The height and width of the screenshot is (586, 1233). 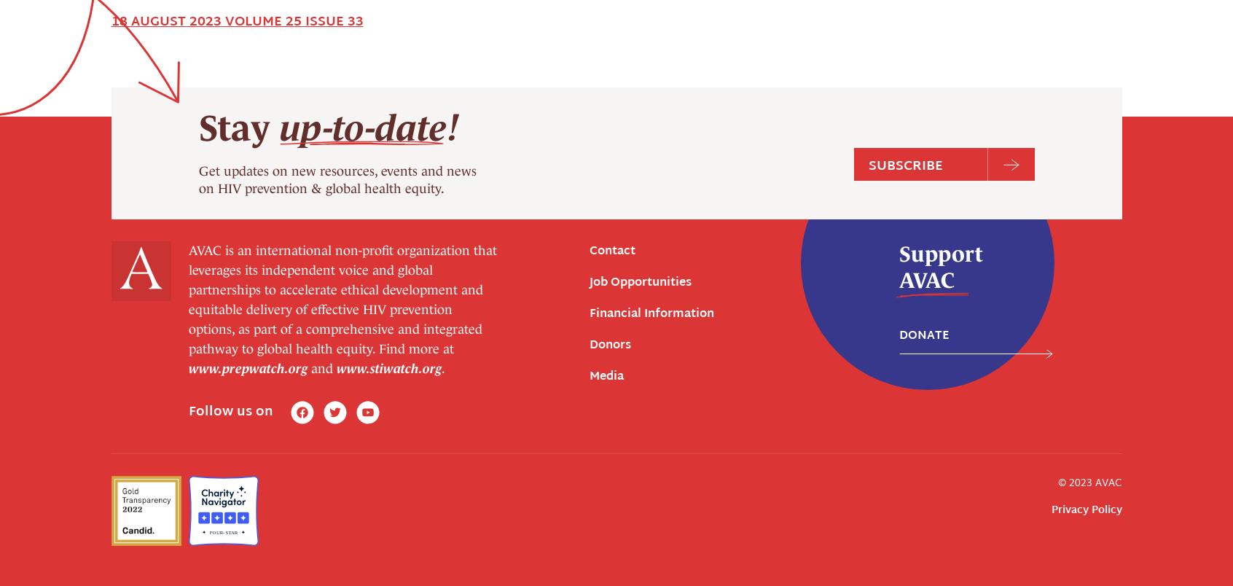 What do you see at coordinates (639, 20) in the screenshot?
I see `'Job Opportunities'` at bounding box center [639, 20].